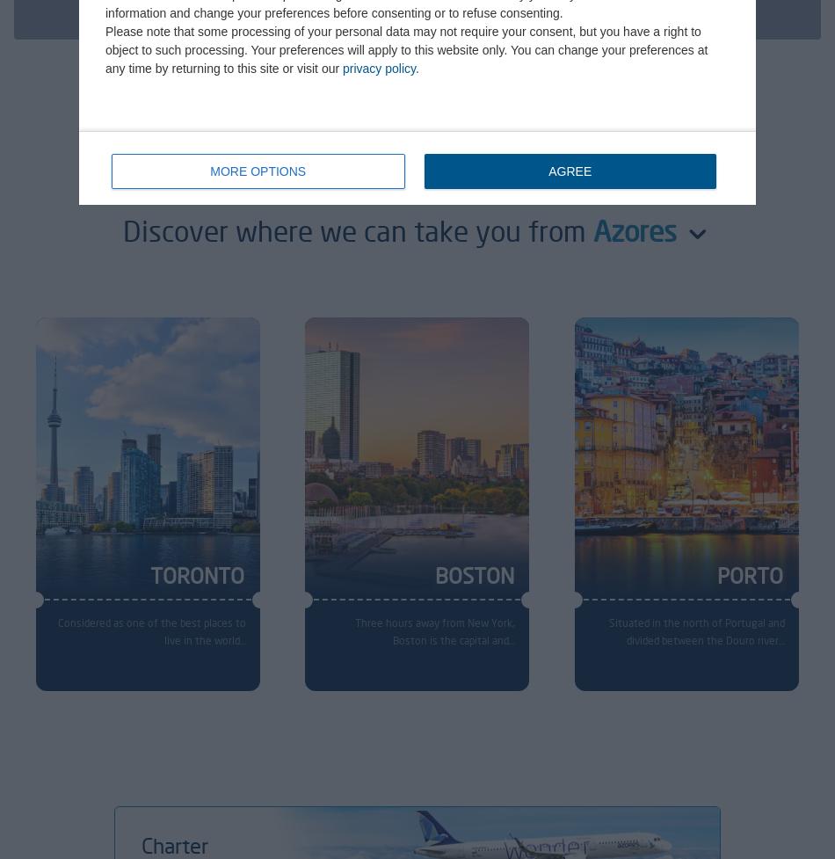  Describe the element at coordinates (634, 230) in the screenshot. I see `'Azores'` at that location.